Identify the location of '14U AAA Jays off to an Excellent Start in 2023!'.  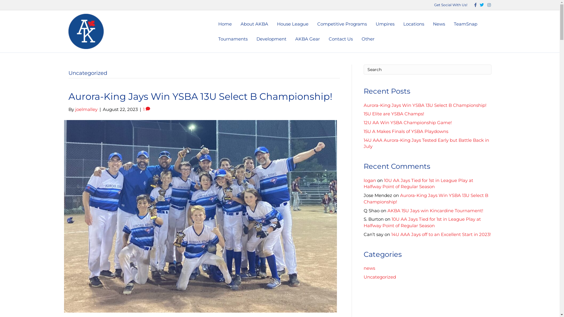
(441, 234).